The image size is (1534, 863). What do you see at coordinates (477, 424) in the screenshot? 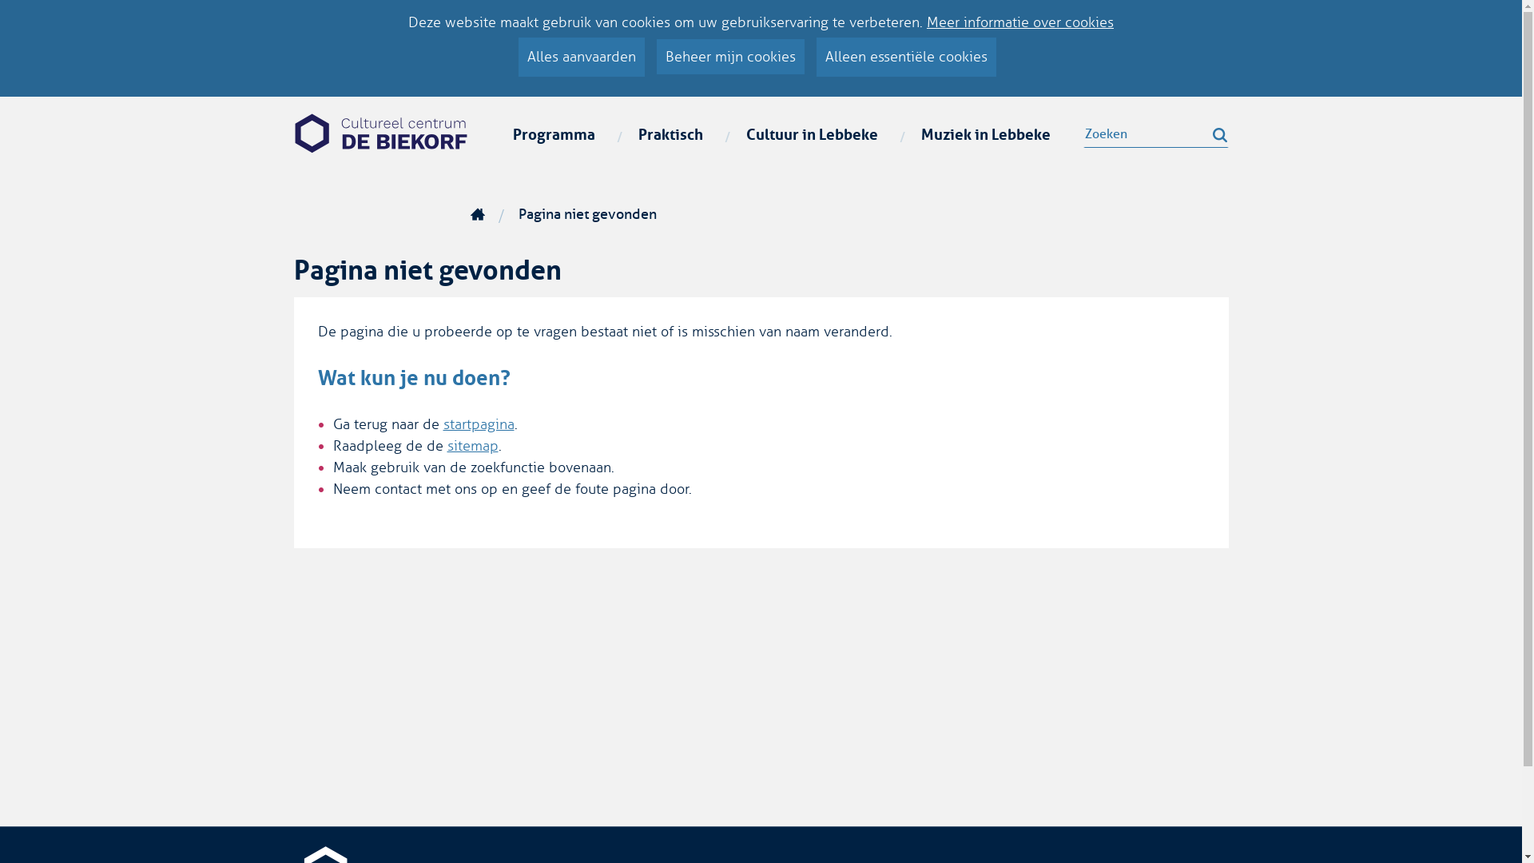
I see `'startpagina'` at bounding box center [477, 424].